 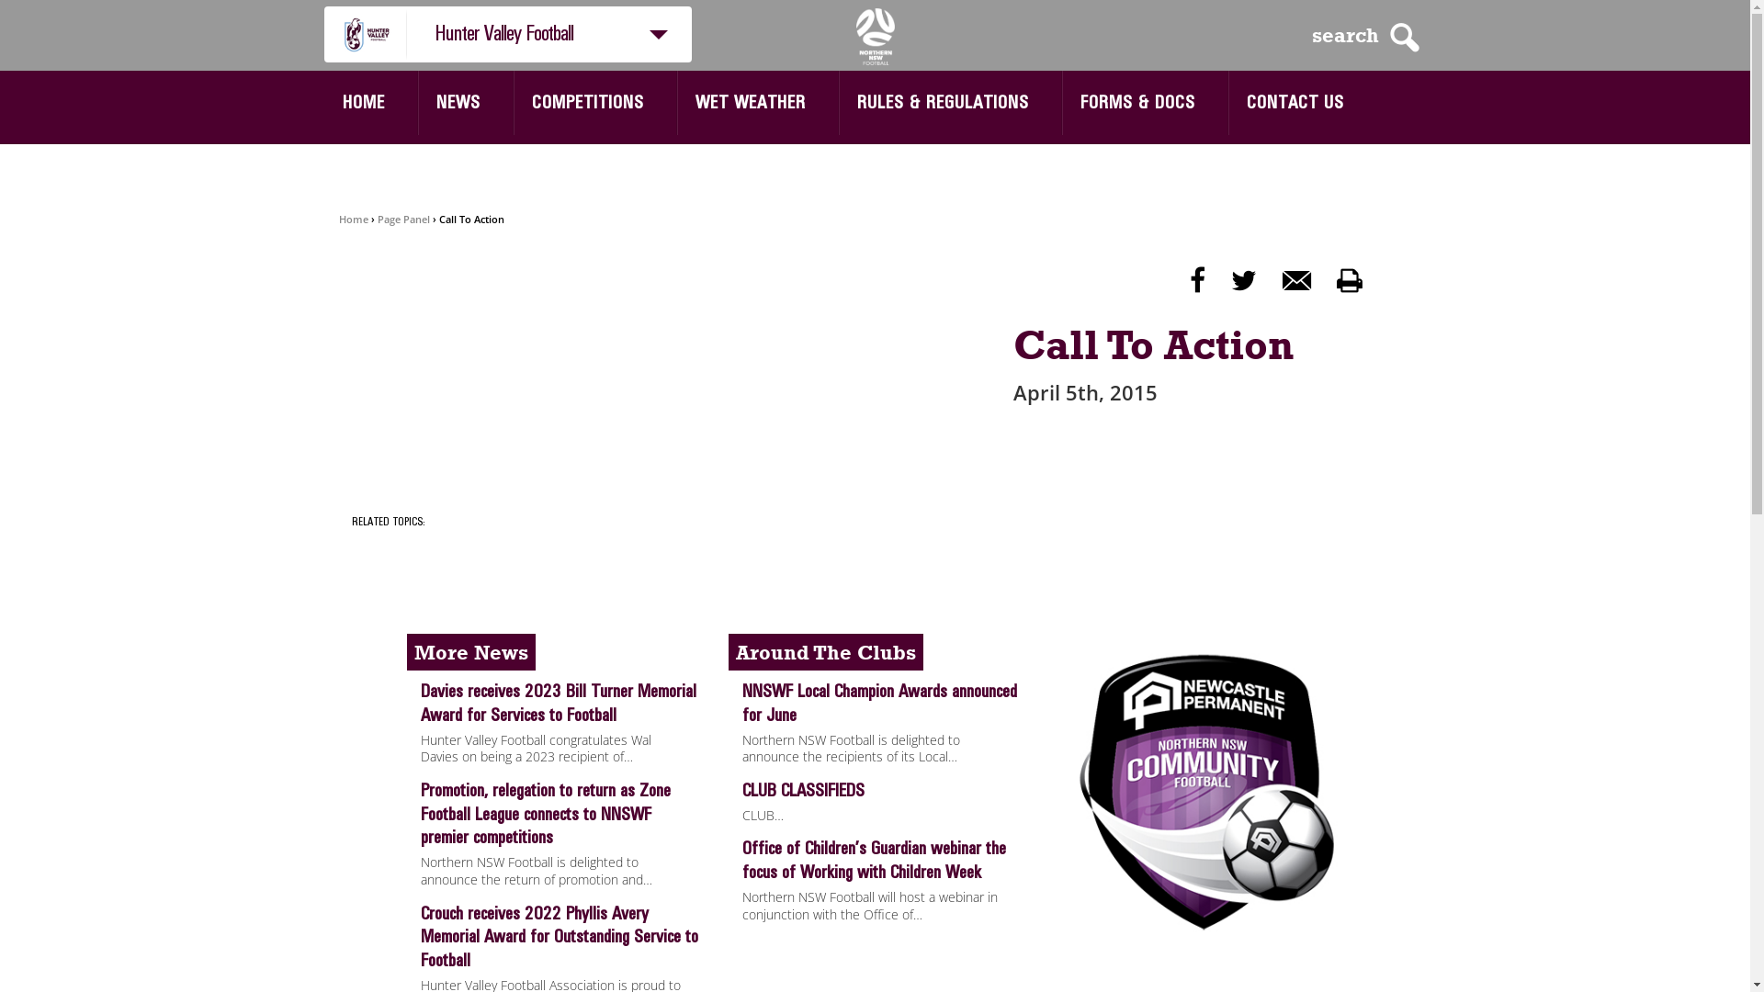 What do you see at coordinates (1294, 102) in the screenshot?
I see `'CONTACT US'` at bounding box center [1294, 102].